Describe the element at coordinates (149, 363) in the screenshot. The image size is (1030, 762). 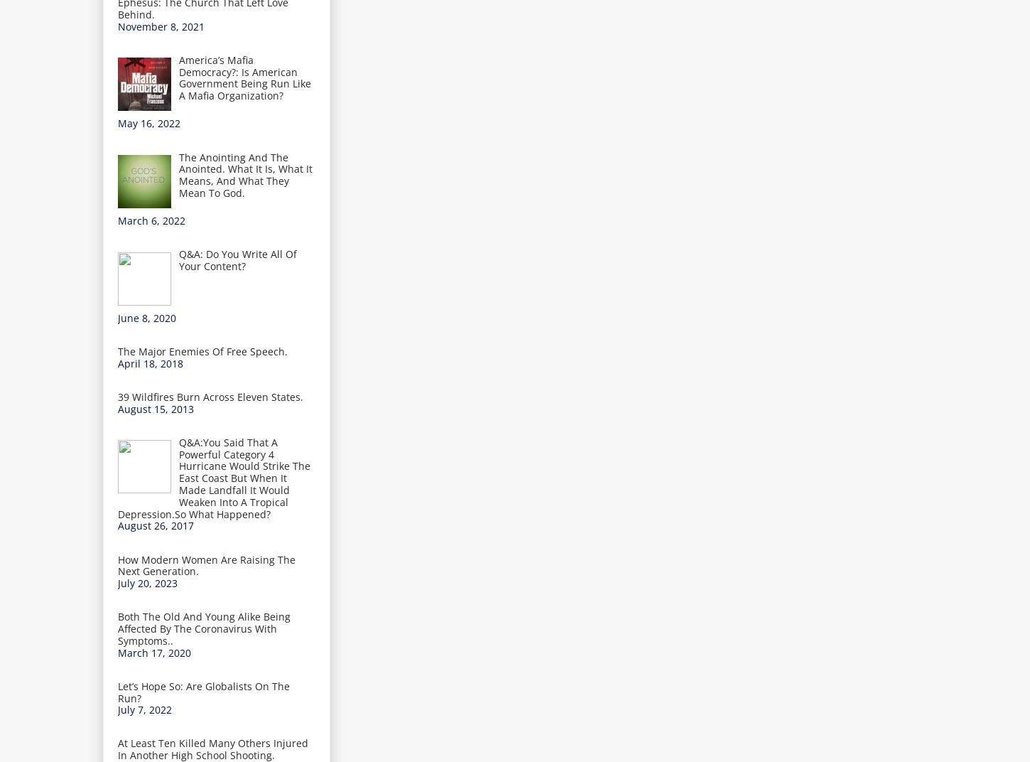
I see `'April 18, 2018'` at that location.